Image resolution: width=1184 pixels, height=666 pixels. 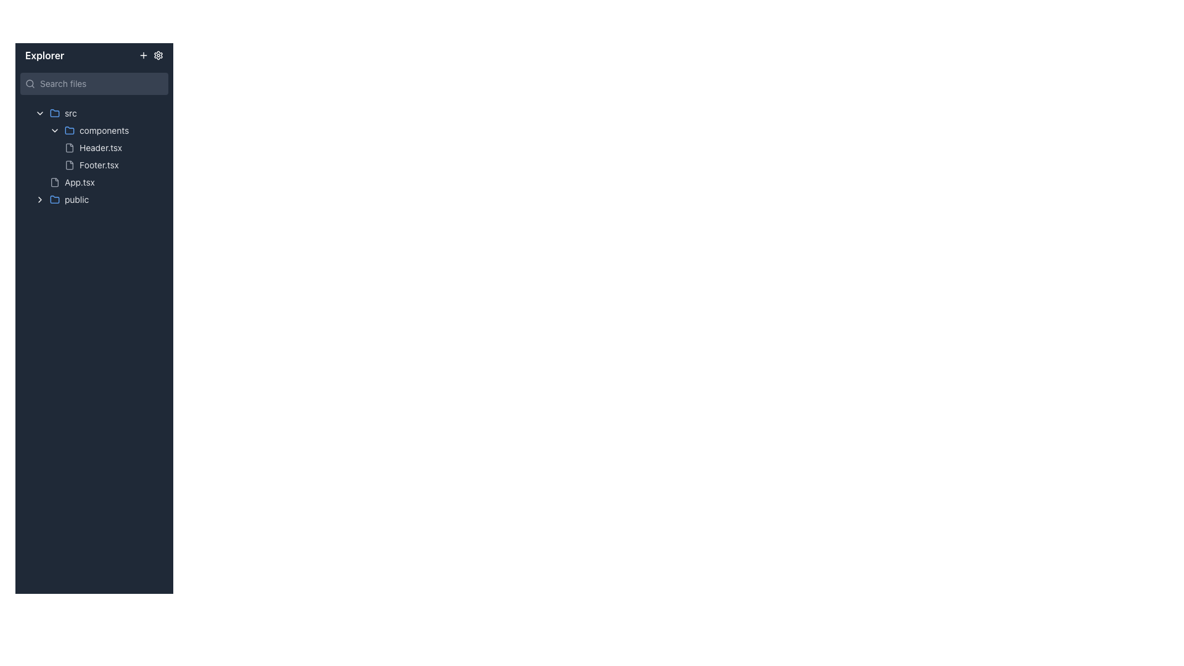 What do you see at coordinates (76, 199) in the screenshot?
I see `on the 'public' directory label in the file explorer view` at bounding box center [76, 199].